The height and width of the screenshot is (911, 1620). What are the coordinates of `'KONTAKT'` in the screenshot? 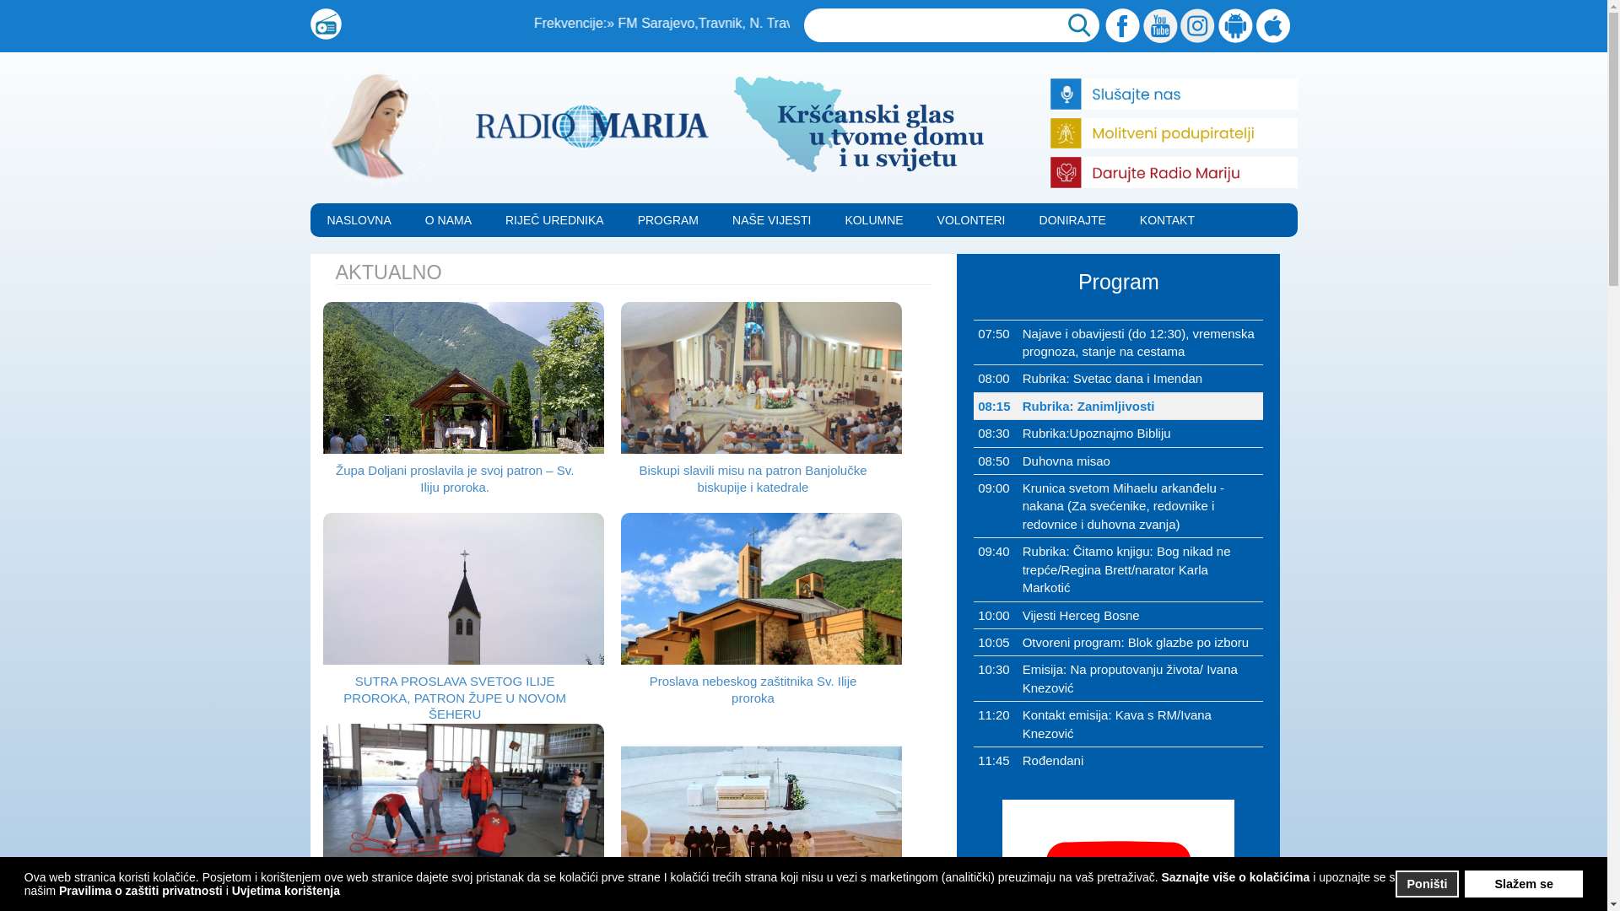 It's located at (1166, 219).